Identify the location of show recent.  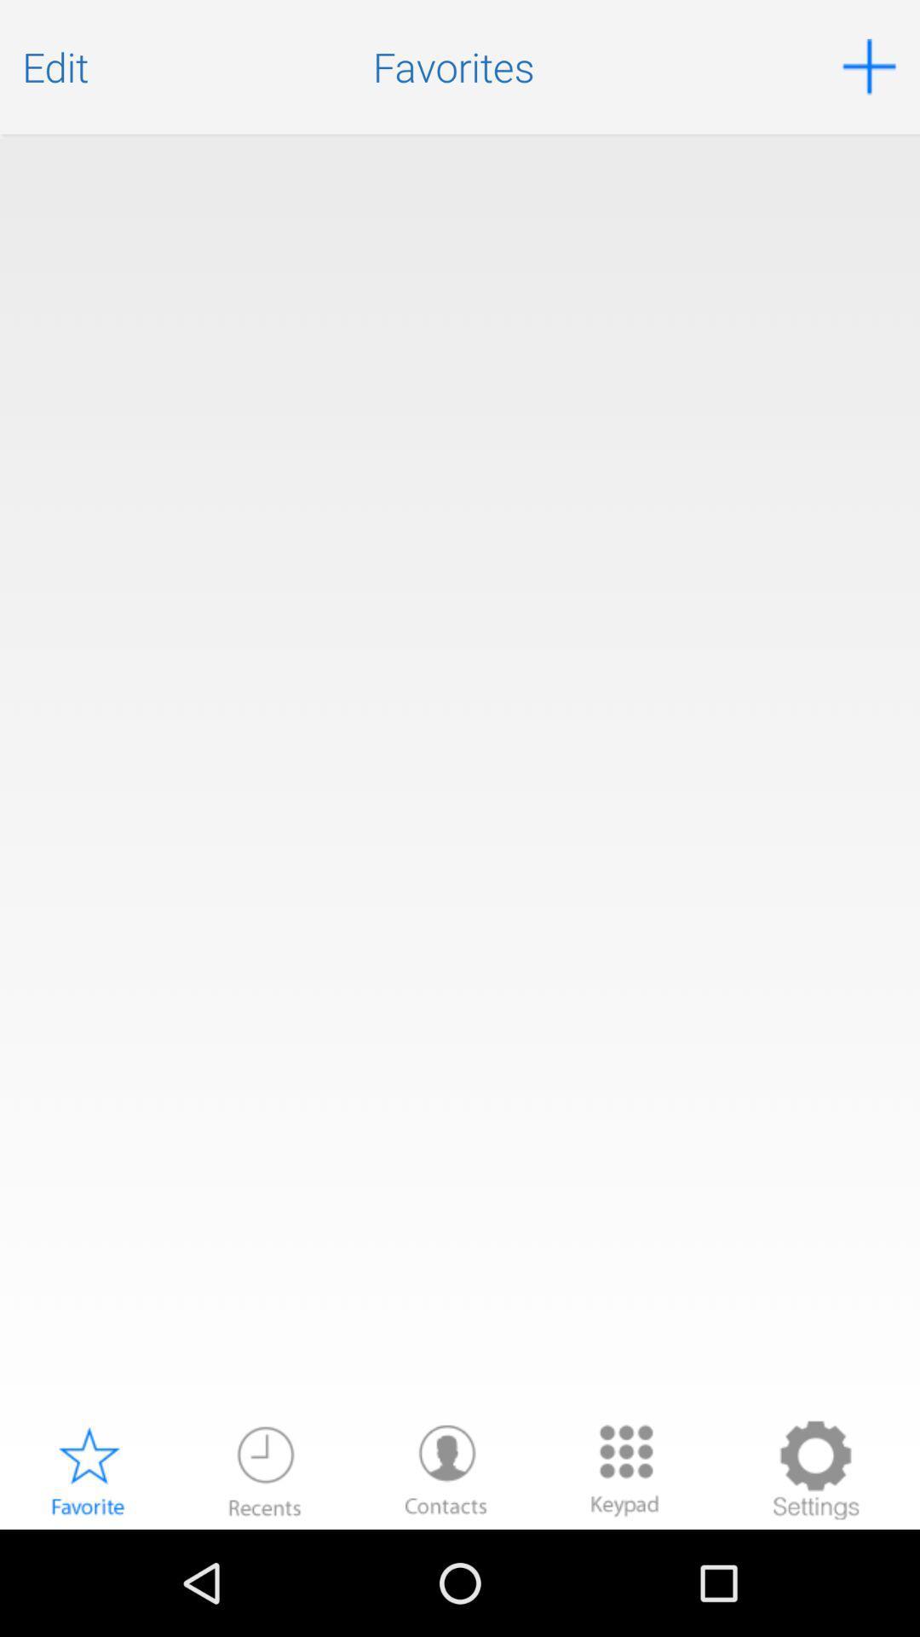
(265, 1469).